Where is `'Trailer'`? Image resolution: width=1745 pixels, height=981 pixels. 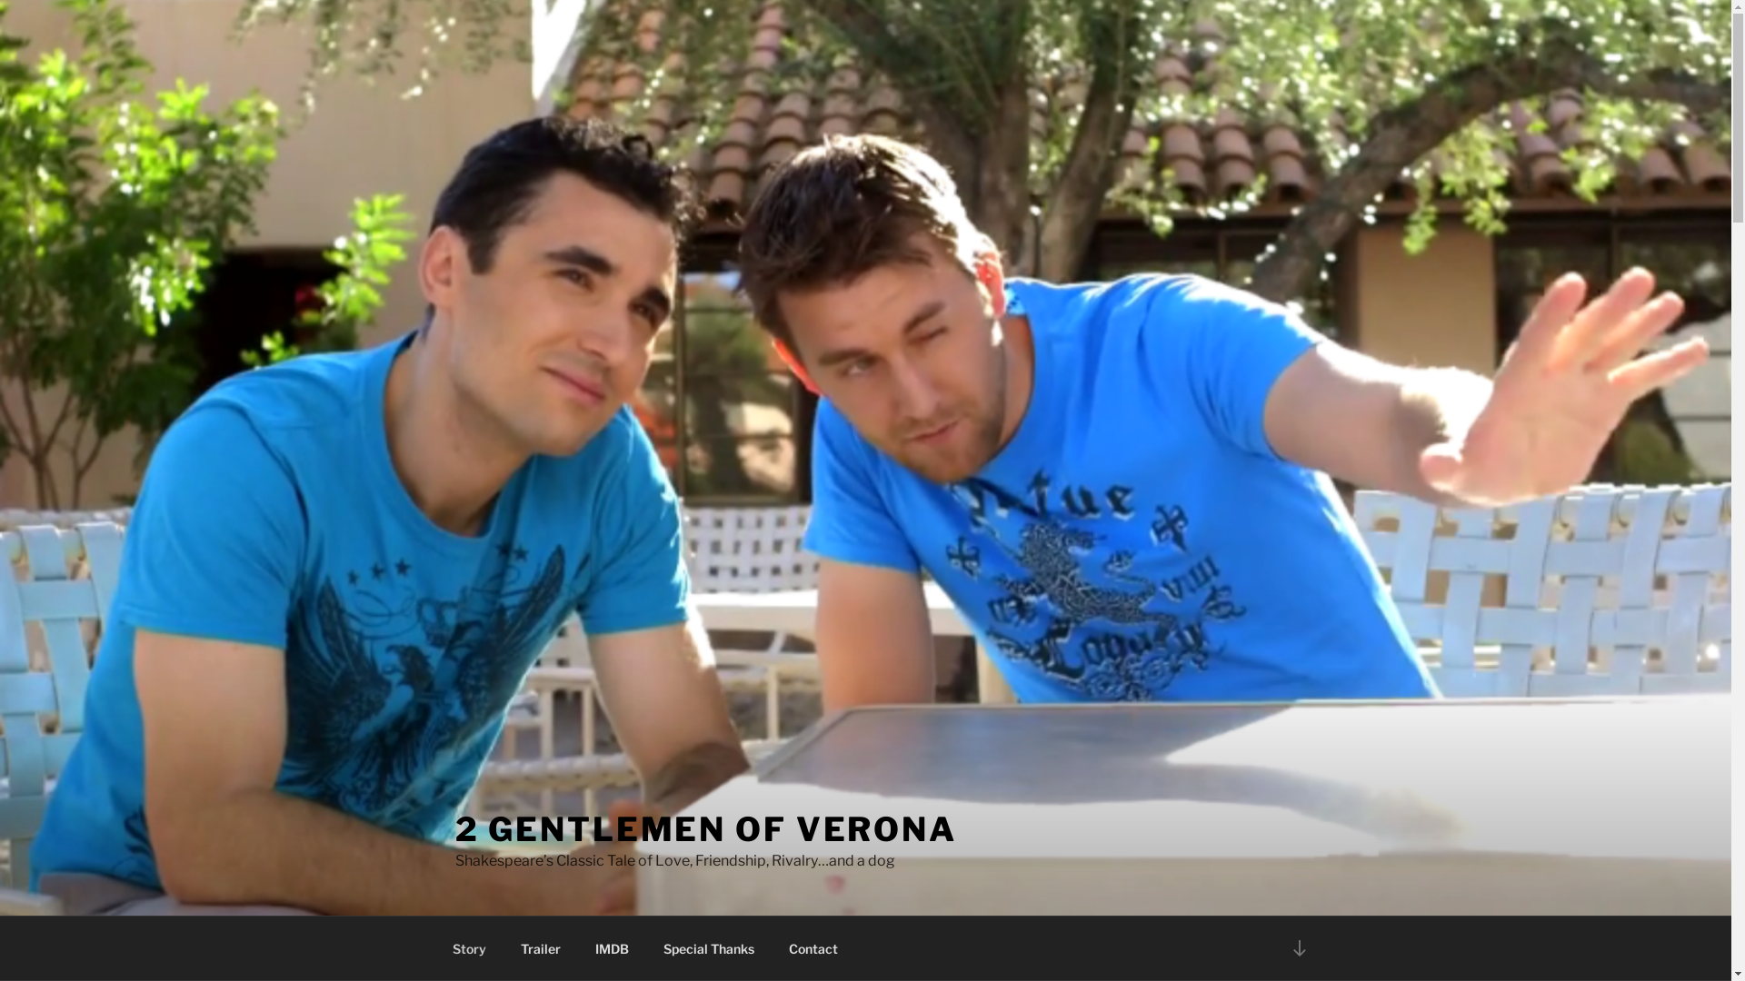 'Trailer' is located at coordinates (540, 947).